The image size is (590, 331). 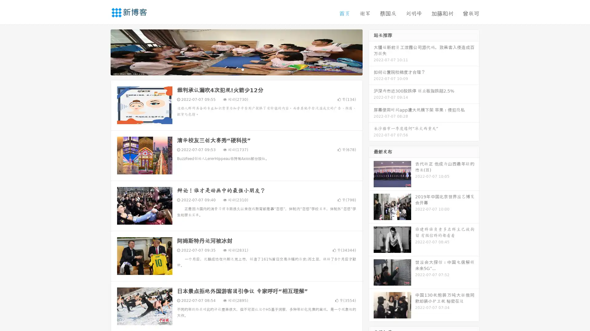 What do you see at coordinates (101, 51) in the screenshot?
I see `Previous slide` at bounding box center [101, 51].